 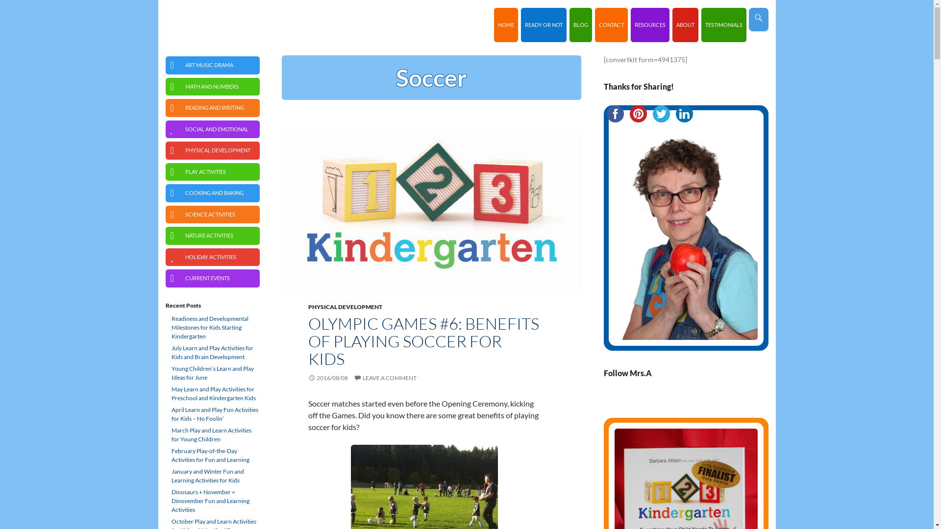 What do you see at coordinates (212, 434) in the screenshot?
I see `'March Play and Learn Activities for Young Children'` at bounding box center [212, 434].